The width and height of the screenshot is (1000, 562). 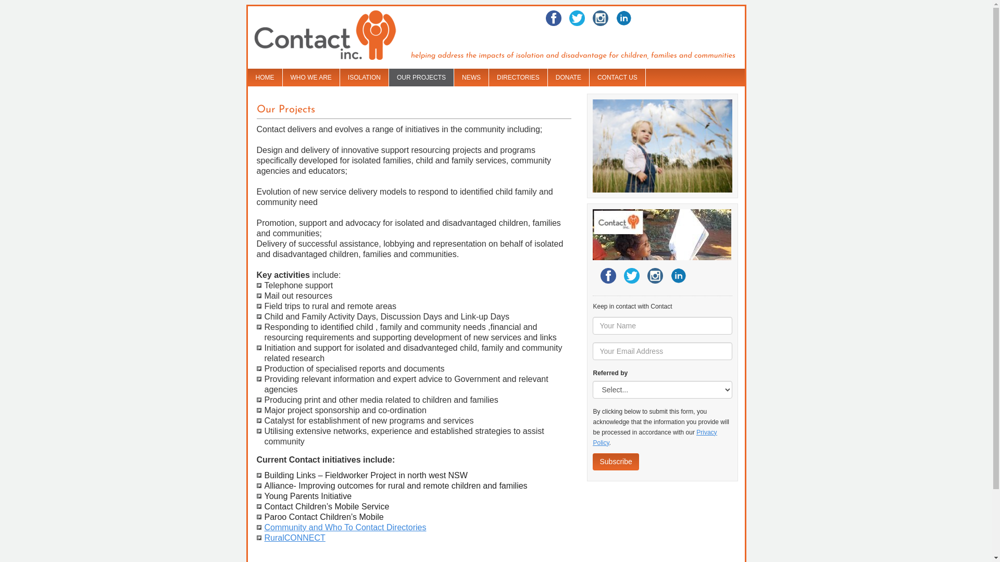 What do you see at coordinates (342, 36) in the screenshot?
I see `'Contact Inc. home page'` at bounding box center [342, 36].